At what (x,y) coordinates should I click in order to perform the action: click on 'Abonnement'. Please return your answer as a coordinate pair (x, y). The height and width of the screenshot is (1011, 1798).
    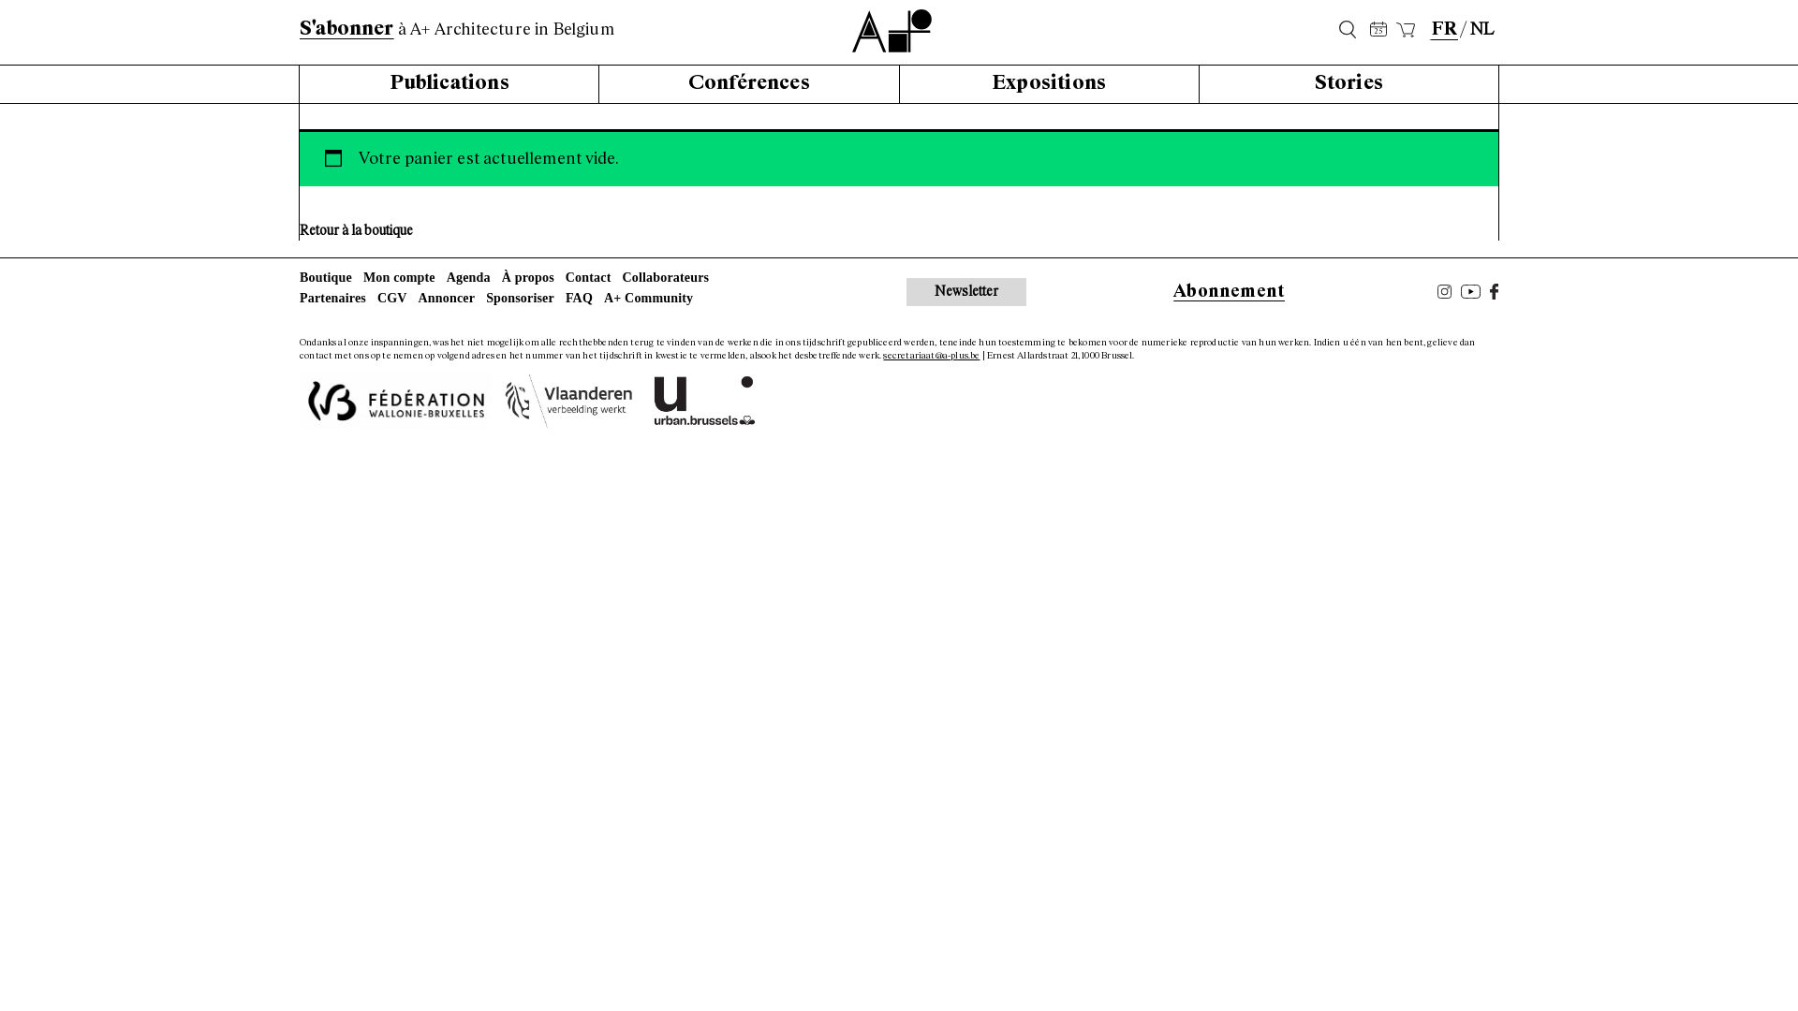
    Looking at the image, I should click on (1229, 292).